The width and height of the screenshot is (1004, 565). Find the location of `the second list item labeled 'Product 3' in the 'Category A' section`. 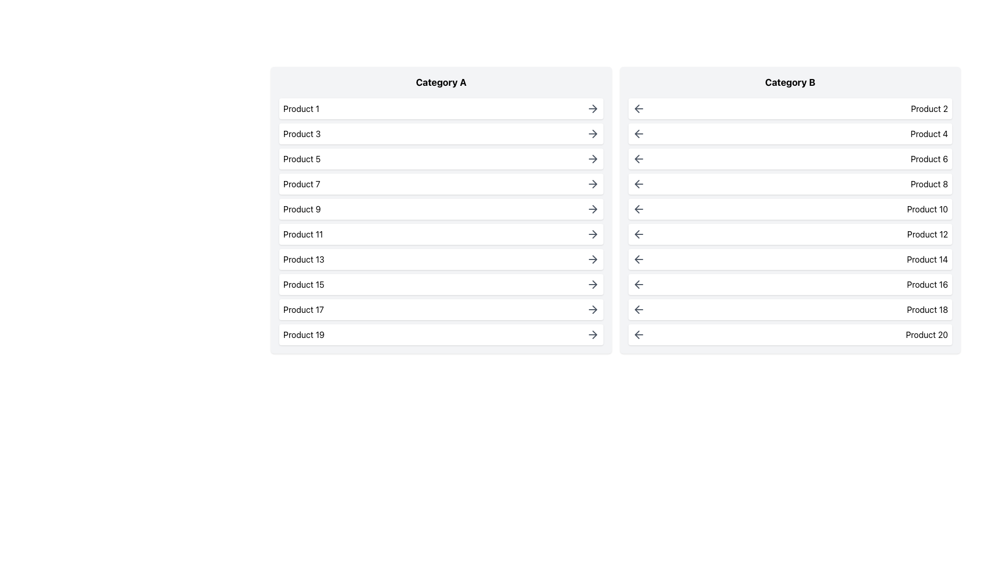

the second list item labeled 'Product 3' in the 'Category A' section is located at coordinates (441, 133).